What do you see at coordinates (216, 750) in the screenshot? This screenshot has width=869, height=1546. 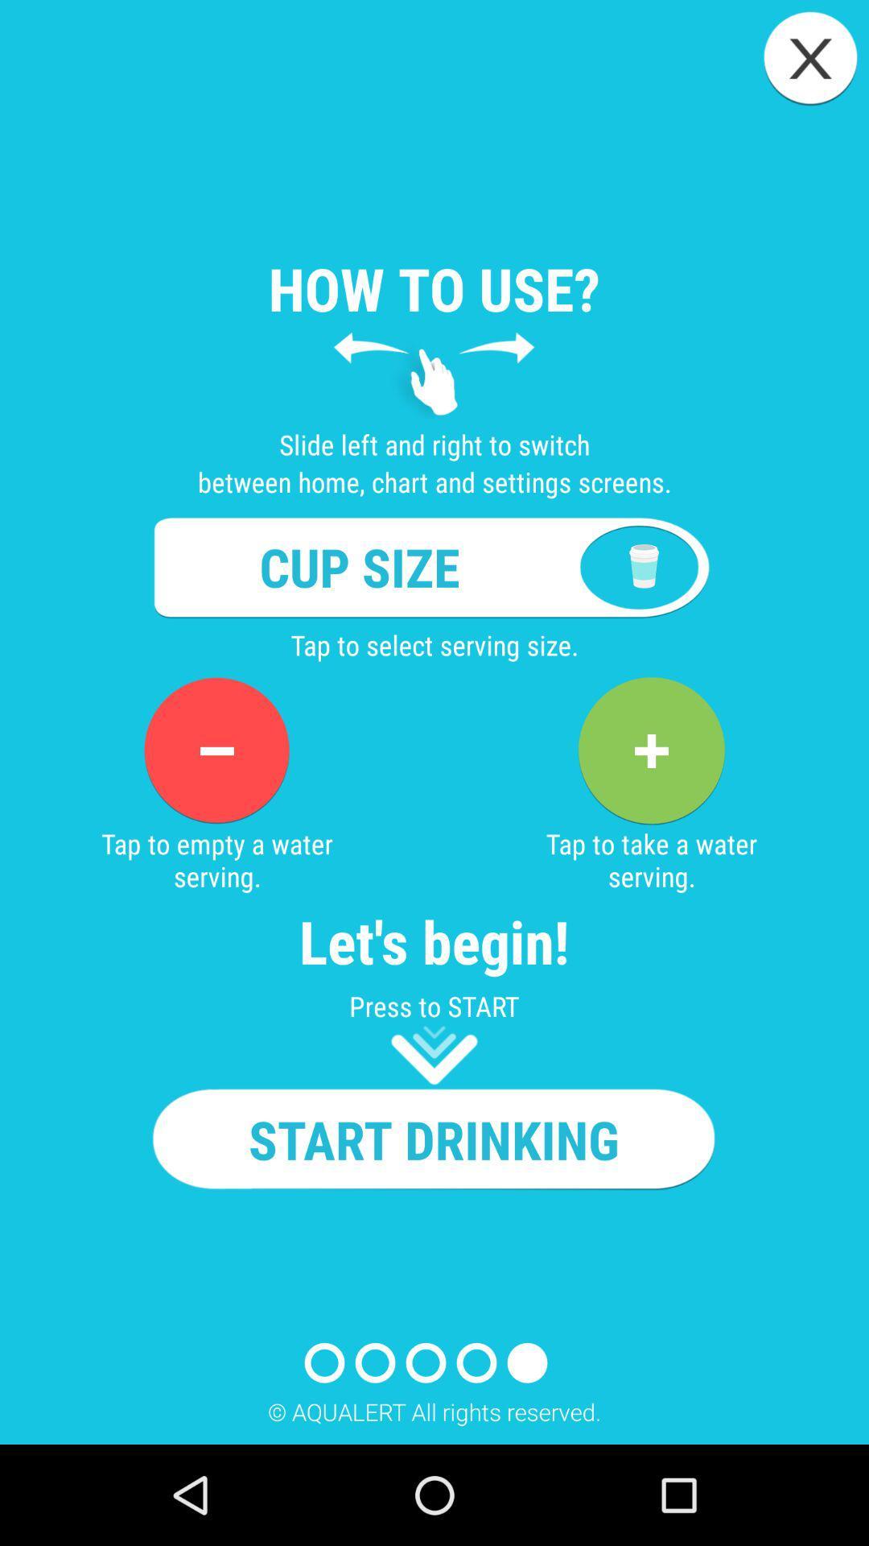 I see `the icon below tap to select item` at bounding box center [216, 750].